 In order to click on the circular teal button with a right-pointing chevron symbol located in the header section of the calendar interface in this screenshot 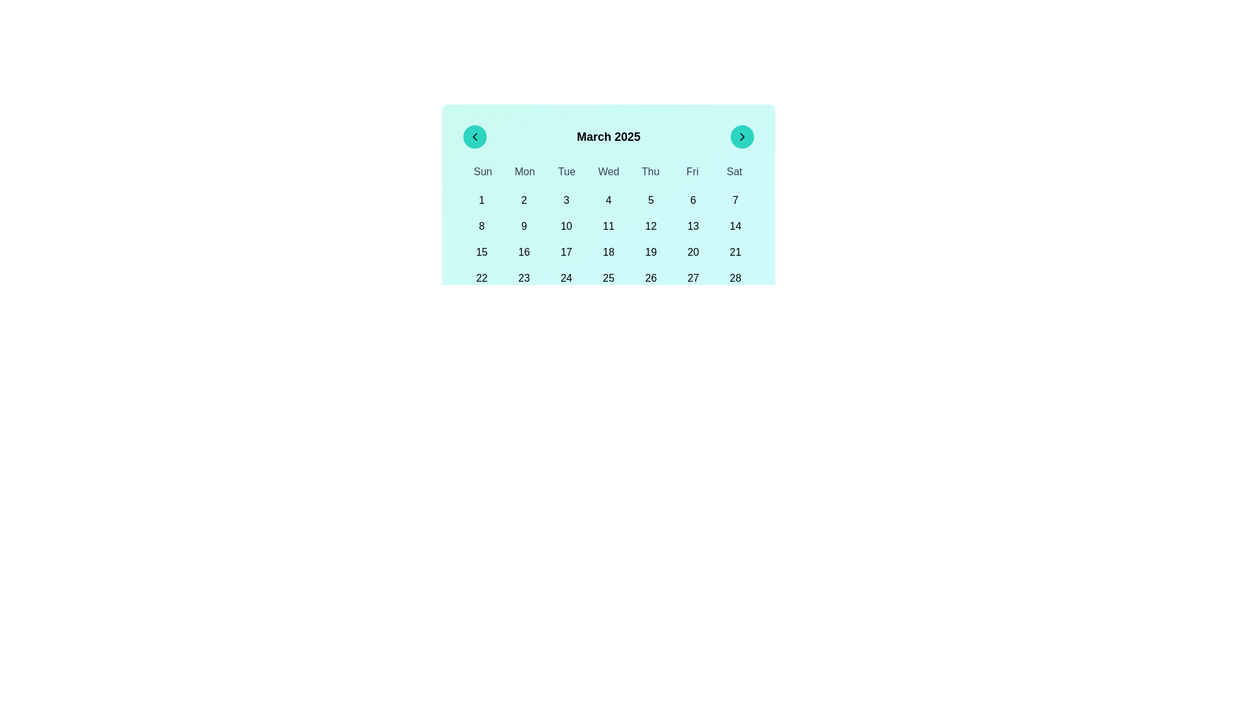, I will do `click(742, 137)`.